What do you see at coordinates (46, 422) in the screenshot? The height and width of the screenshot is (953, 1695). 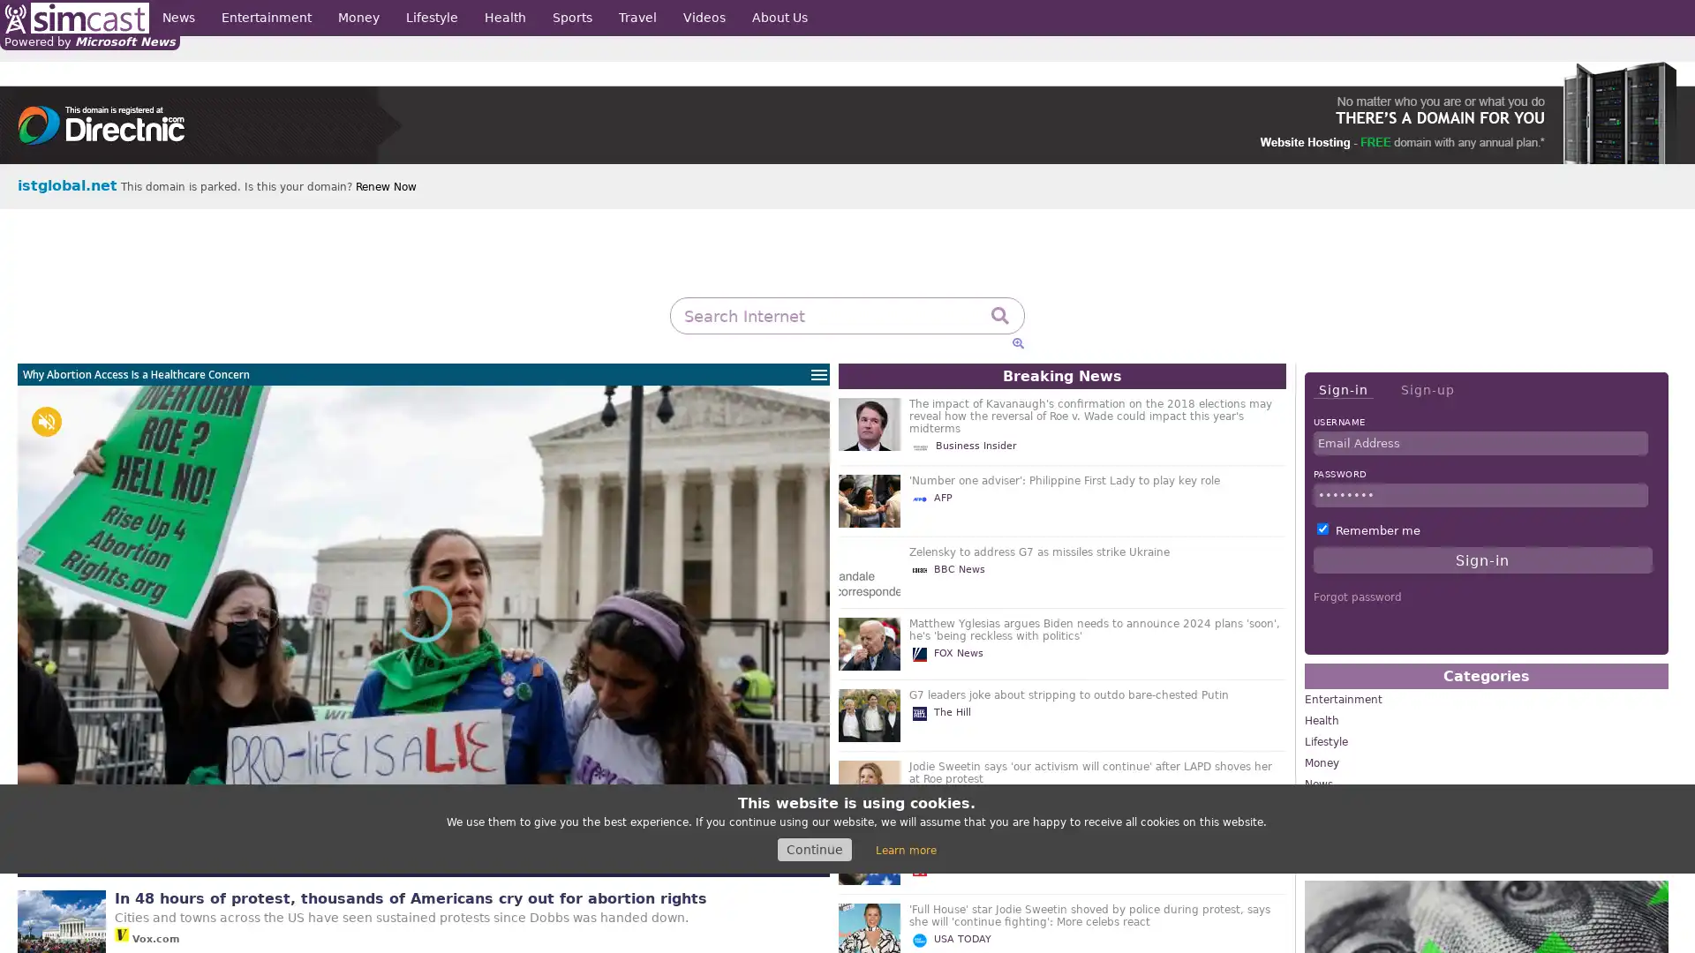 I see `volume_offvolume_up` at bounding box center [46, 422].